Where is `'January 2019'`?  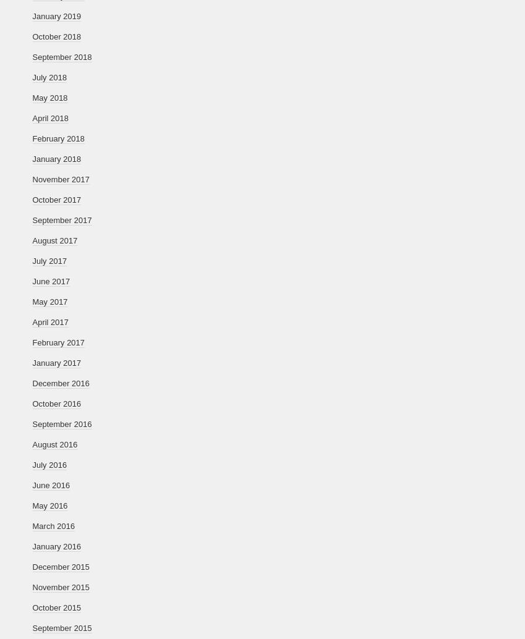
'January 2019' is located at coordinates (56, 16).